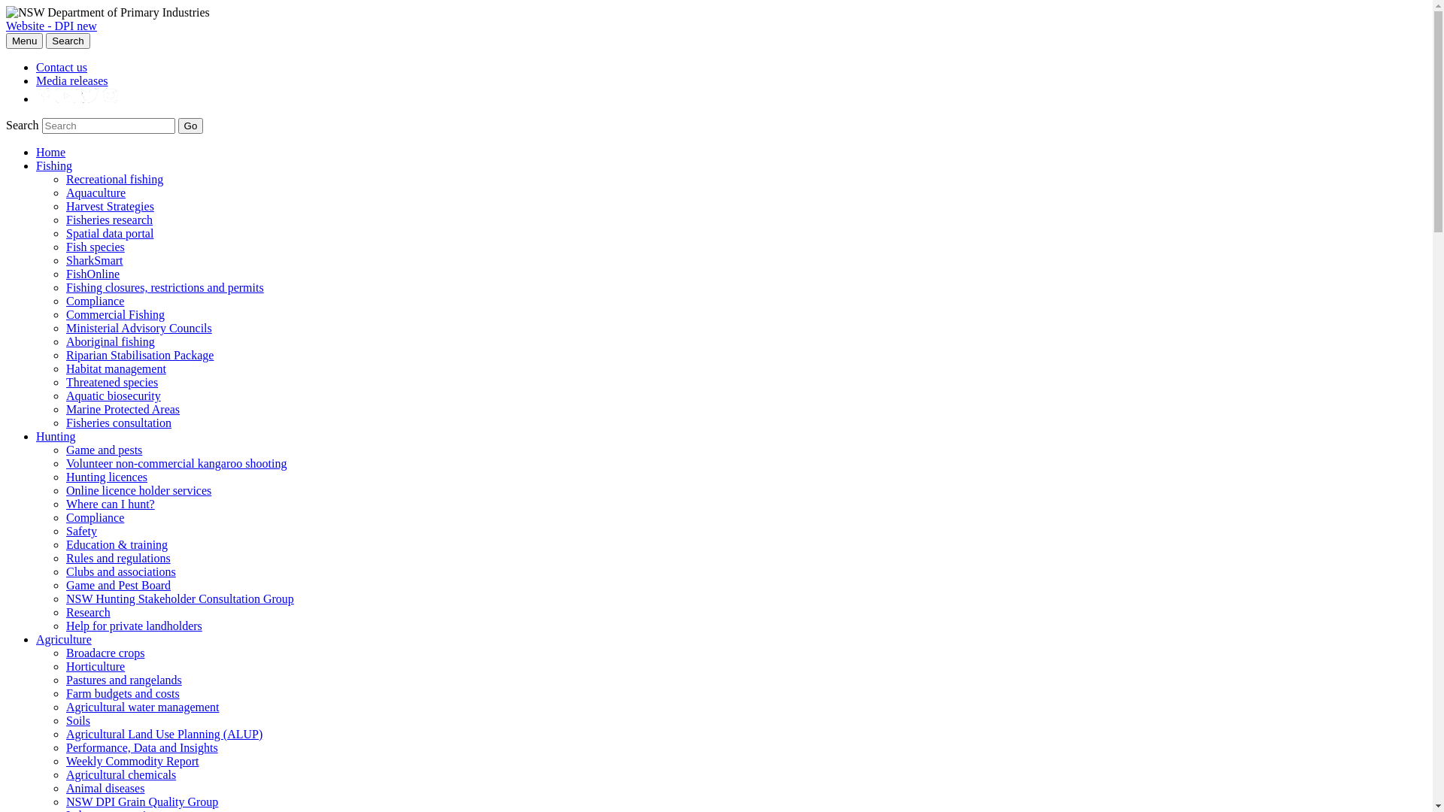 This screenshot has width=1444, height=812. What do you see at coordinates (176, 462) in the screenshot?
I see `'Volunteer non-commercial kangaroo shooting'` at bounding box center [176, 462].